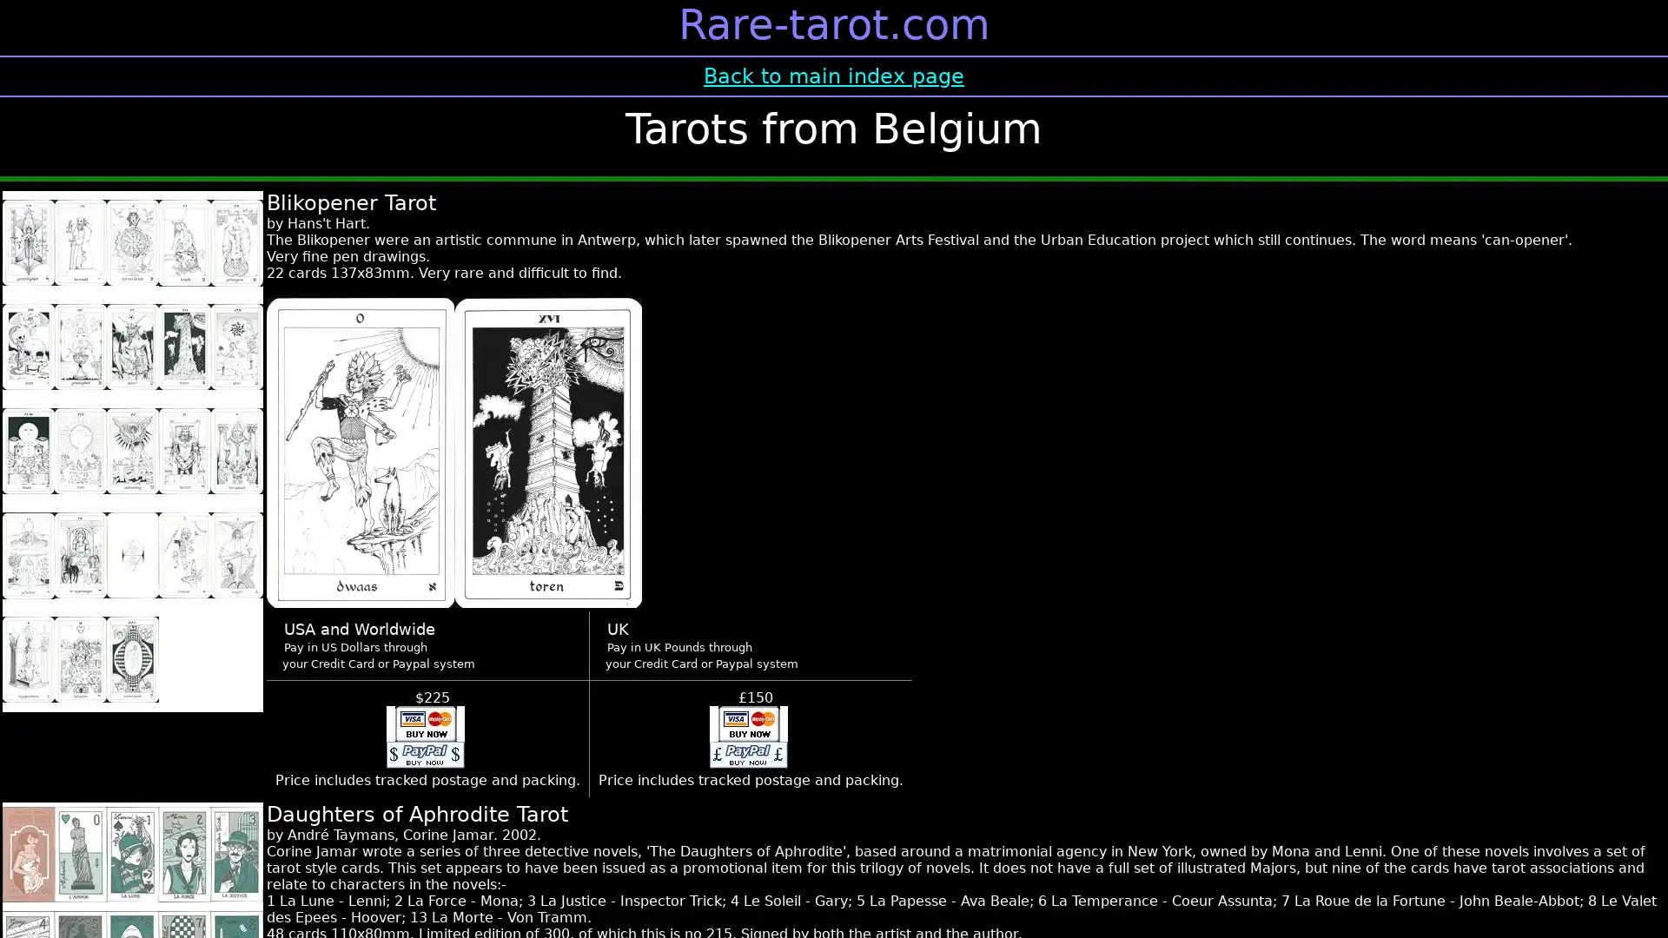  What do you see at coordinates (747, 737) in the screenshot?
I see `Make payment in UK pounds using PayPal` at bounding box center [747, 737].